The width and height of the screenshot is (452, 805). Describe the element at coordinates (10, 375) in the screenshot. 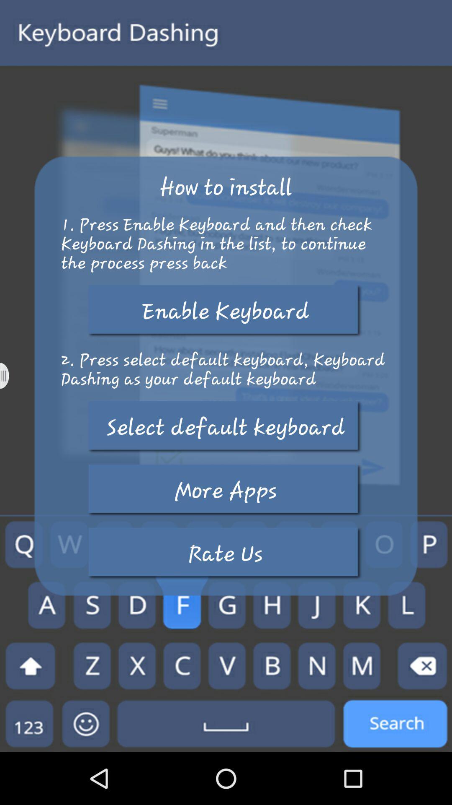

I see `item to the left of the 2 press select item` at that location.